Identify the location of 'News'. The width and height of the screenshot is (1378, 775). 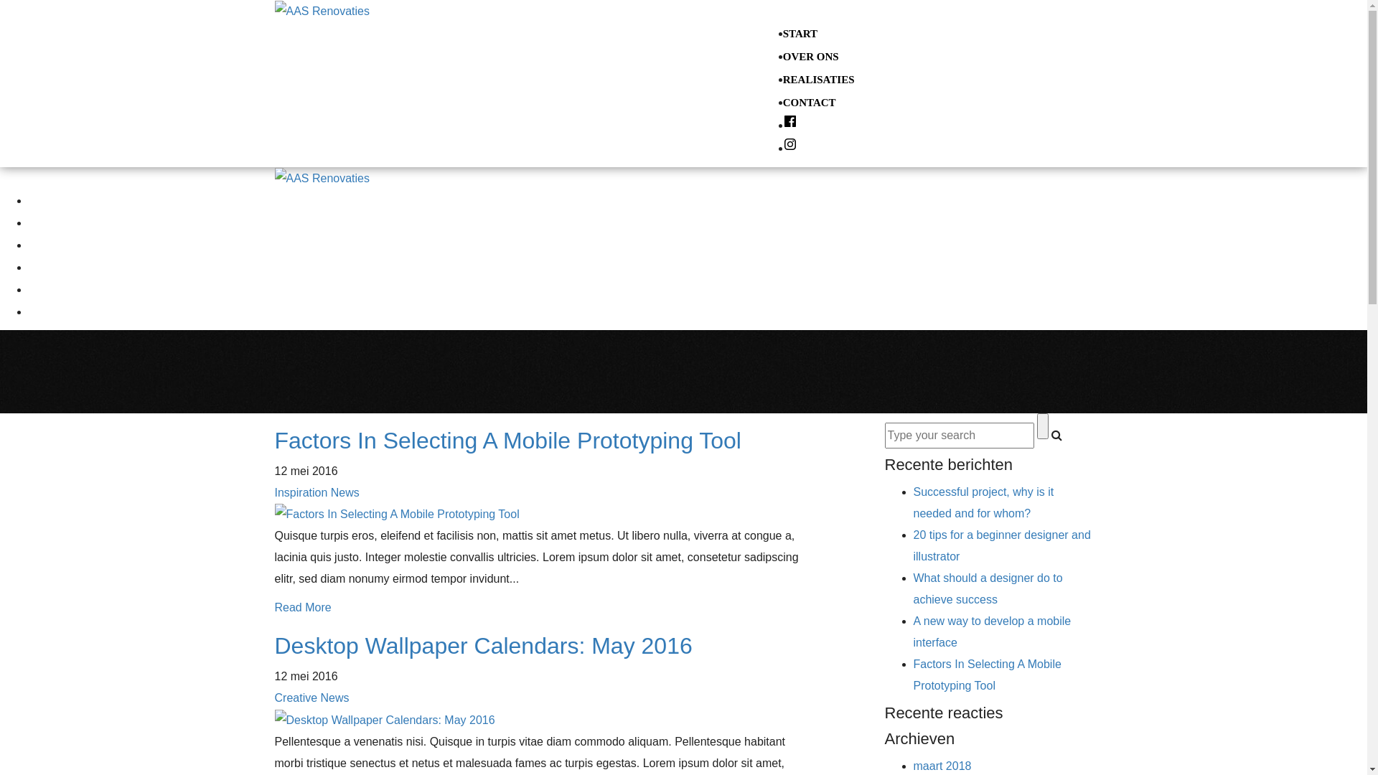
(344, 492).